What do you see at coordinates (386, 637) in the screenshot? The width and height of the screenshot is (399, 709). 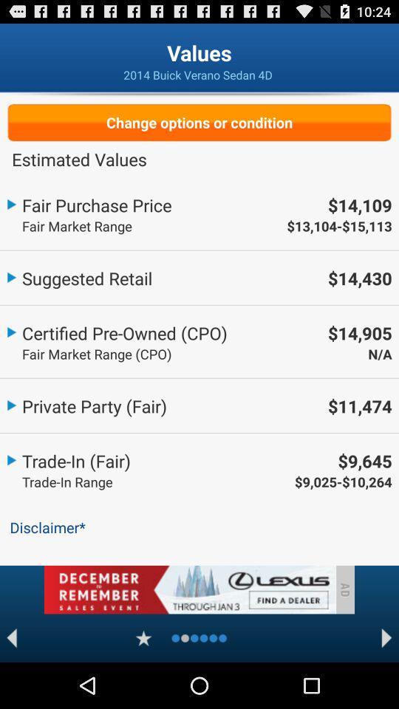 I see `go forward` at bounding box center [386, 637].